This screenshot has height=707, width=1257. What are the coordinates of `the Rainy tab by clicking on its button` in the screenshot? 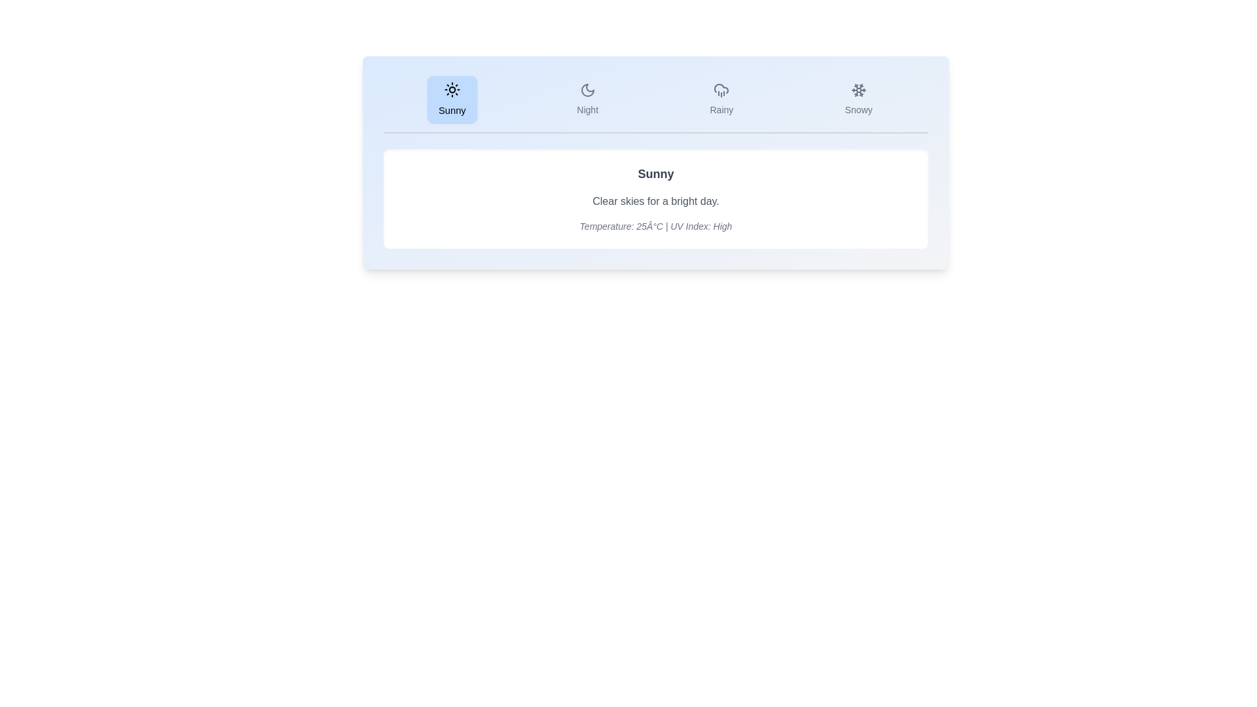 It's located at (721, 98).